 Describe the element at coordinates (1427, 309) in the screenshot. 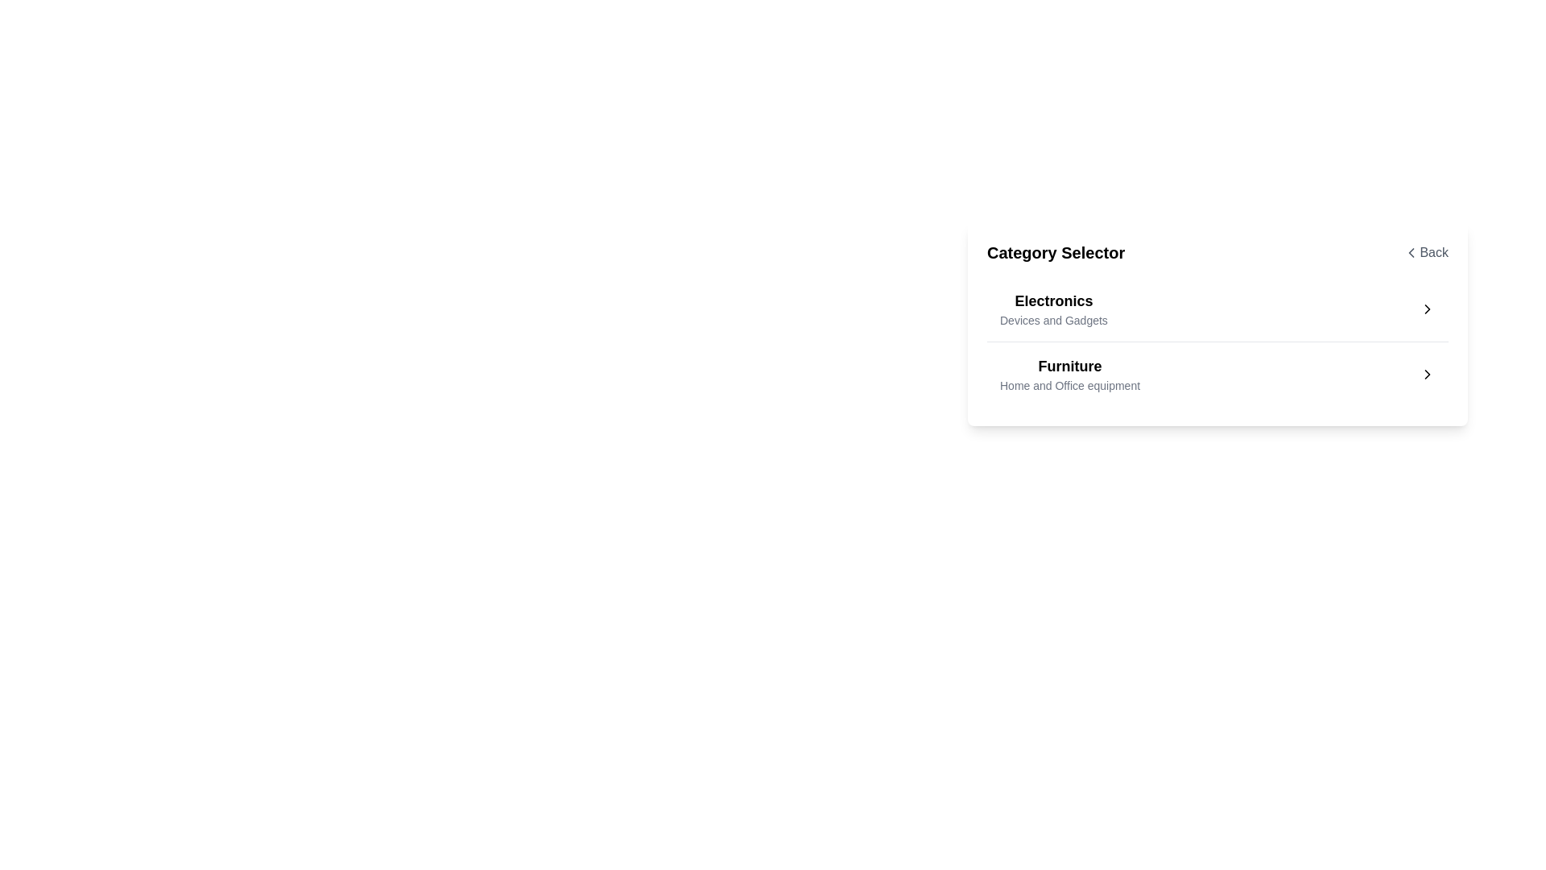

I see `the right-pointing chevron icon associated with the 'Electronics' category` at that location.